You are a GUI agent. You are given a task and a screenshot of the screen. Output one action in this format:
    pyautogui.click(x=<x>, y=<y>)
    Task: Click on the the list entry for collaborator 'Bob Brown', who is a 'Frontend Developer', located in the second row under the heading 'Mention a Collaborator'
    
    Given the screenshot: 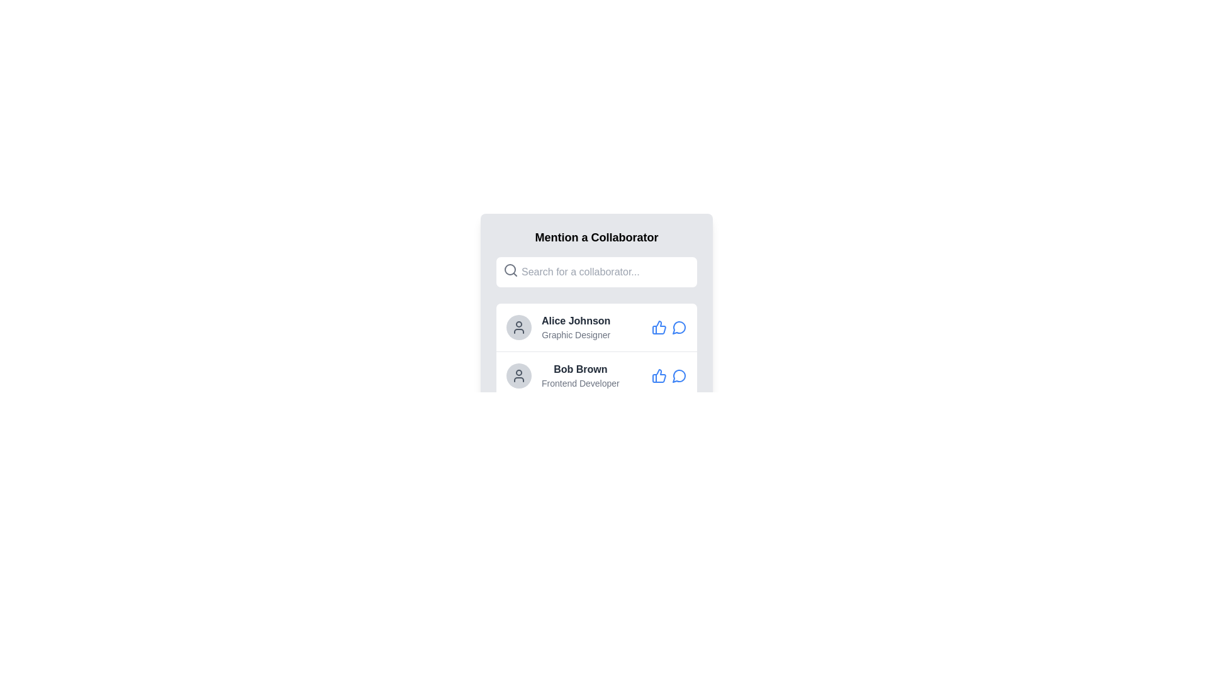 What is the action you would take?
    pyautogui.click(x=579, y=375)
    